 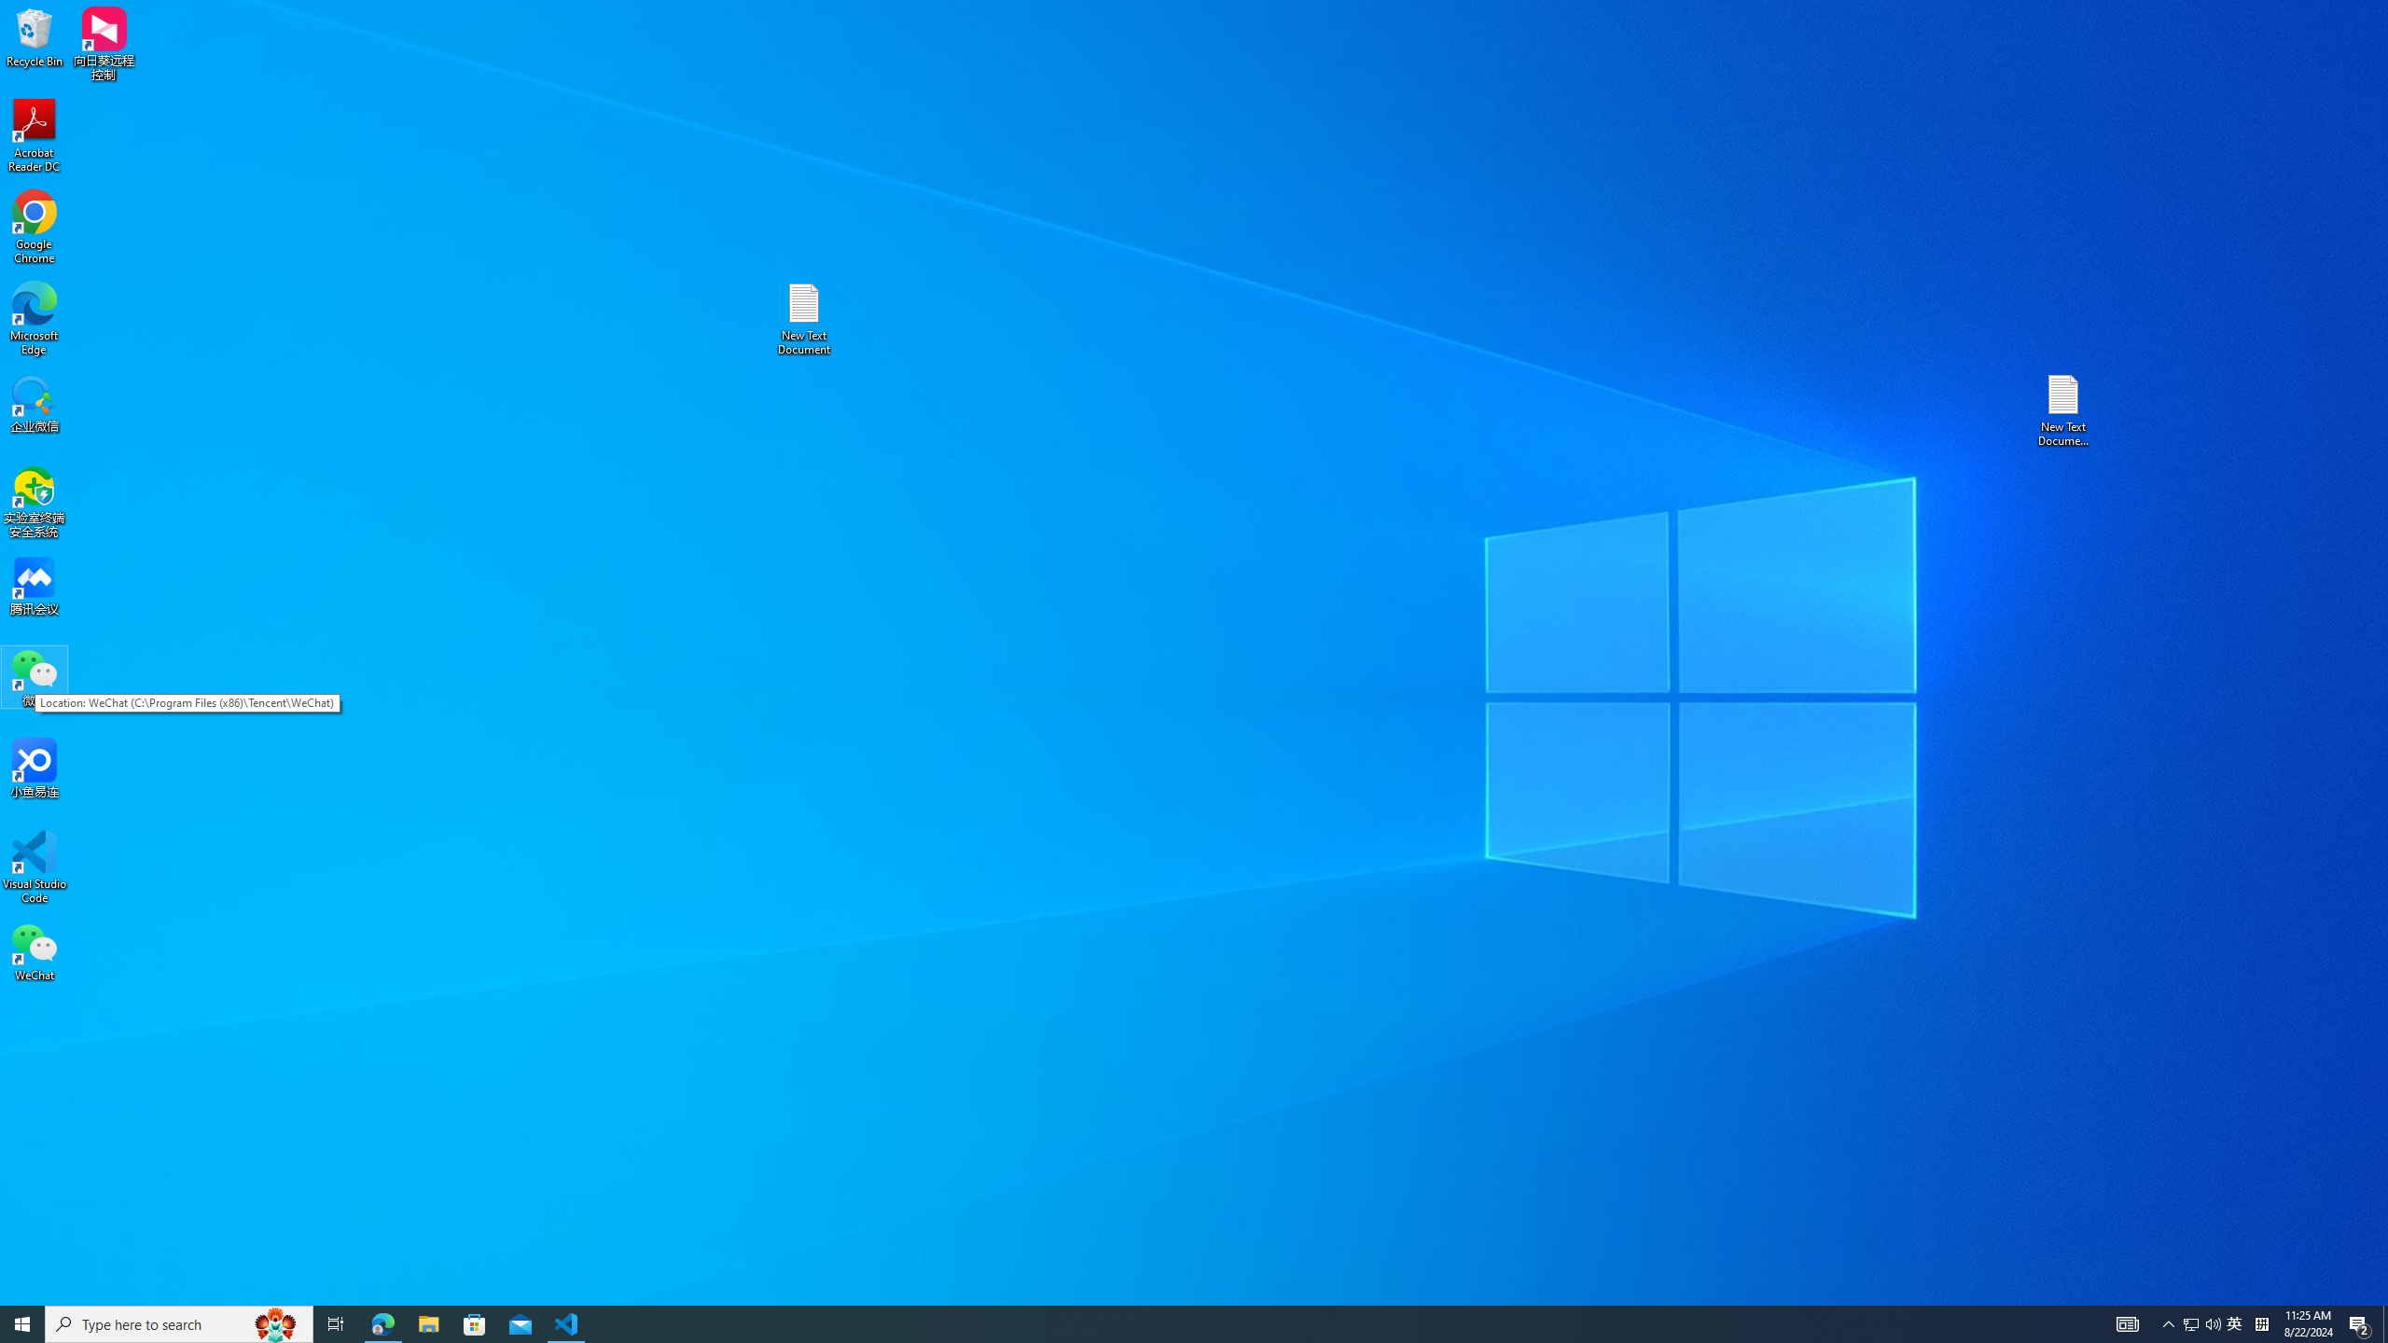 I want to click on 'New Text Document', so click(x=802, y=318).